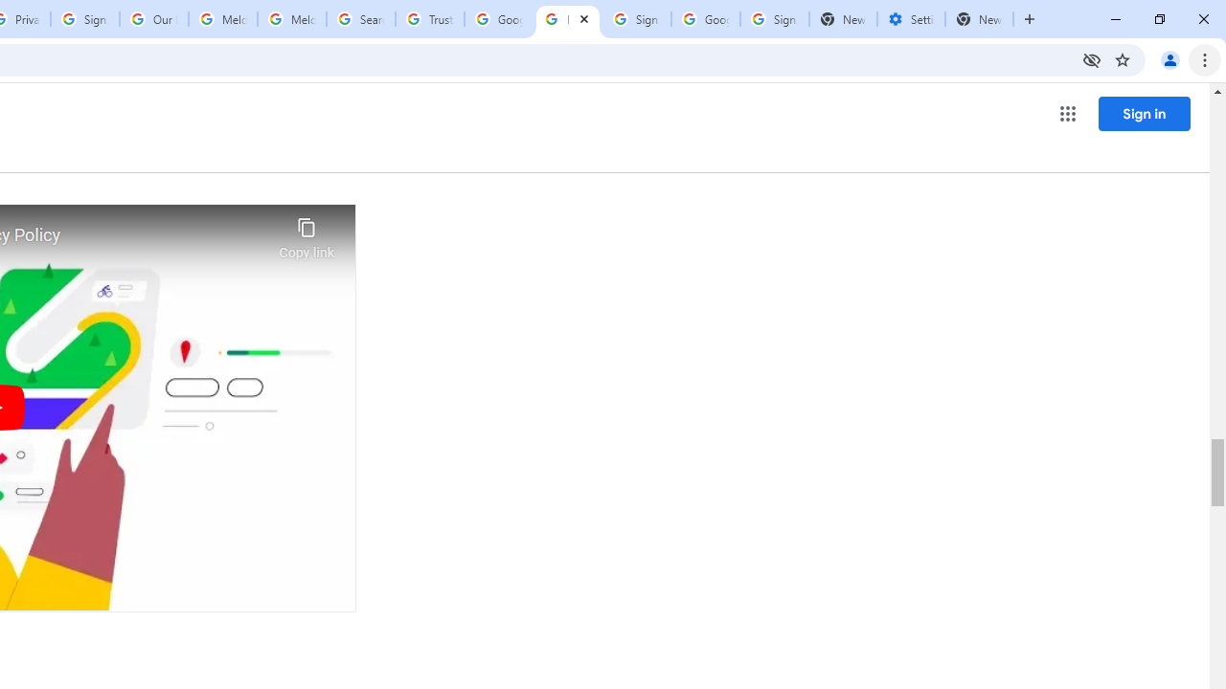 The width and height of the screenshot is (1226, 689). I want to click on 'Copy link', so click(306, 233).